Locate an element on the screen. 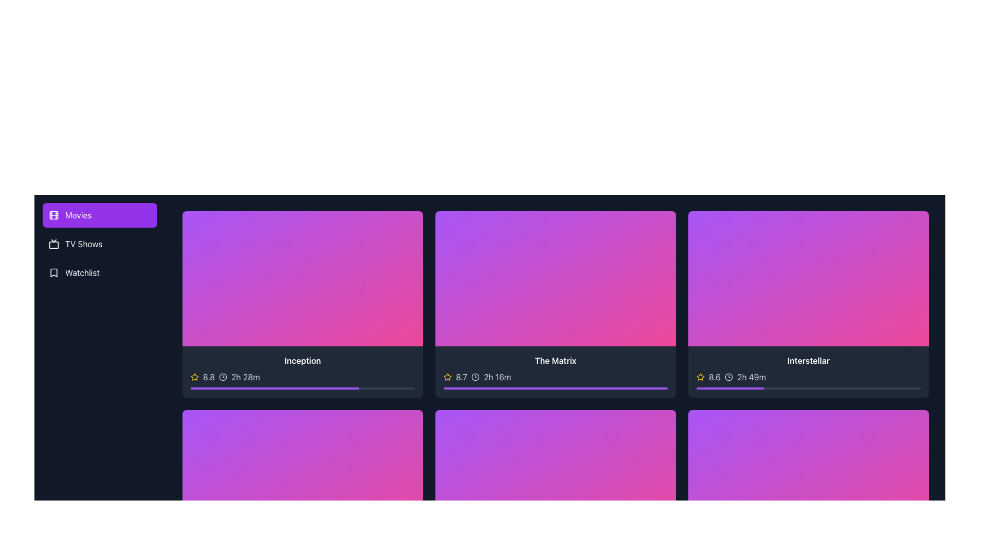 Image resolution: width=987 pixels, height=555 pixels. the clock icon in the metadata area of the 'Interstellar' card, which is positioned after the rating text ('8.6') and before the duration text ('2h 49m') is located at coordinates (728, 377).